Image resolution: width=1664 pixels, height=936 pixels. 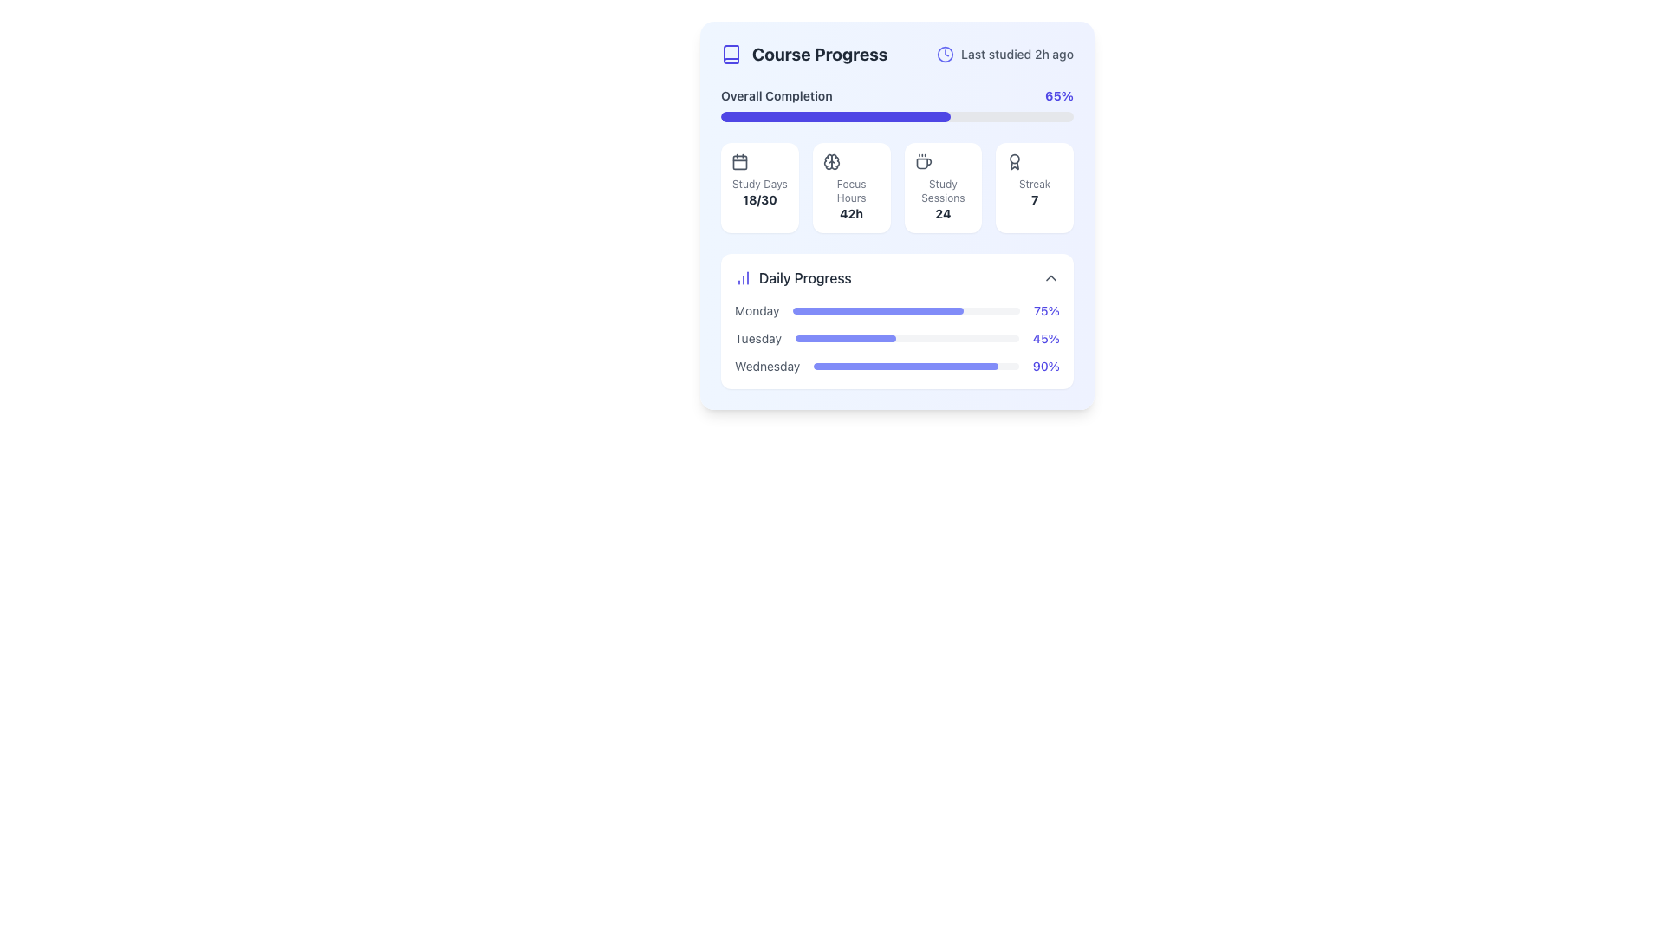 What do you see at coordinates (897, 309) in the screenshot?
I see `label information of the first progress bar in the 'Daily Progress' section, which represents 75% completion for Monday's activities` at bounding box center [897, 309].